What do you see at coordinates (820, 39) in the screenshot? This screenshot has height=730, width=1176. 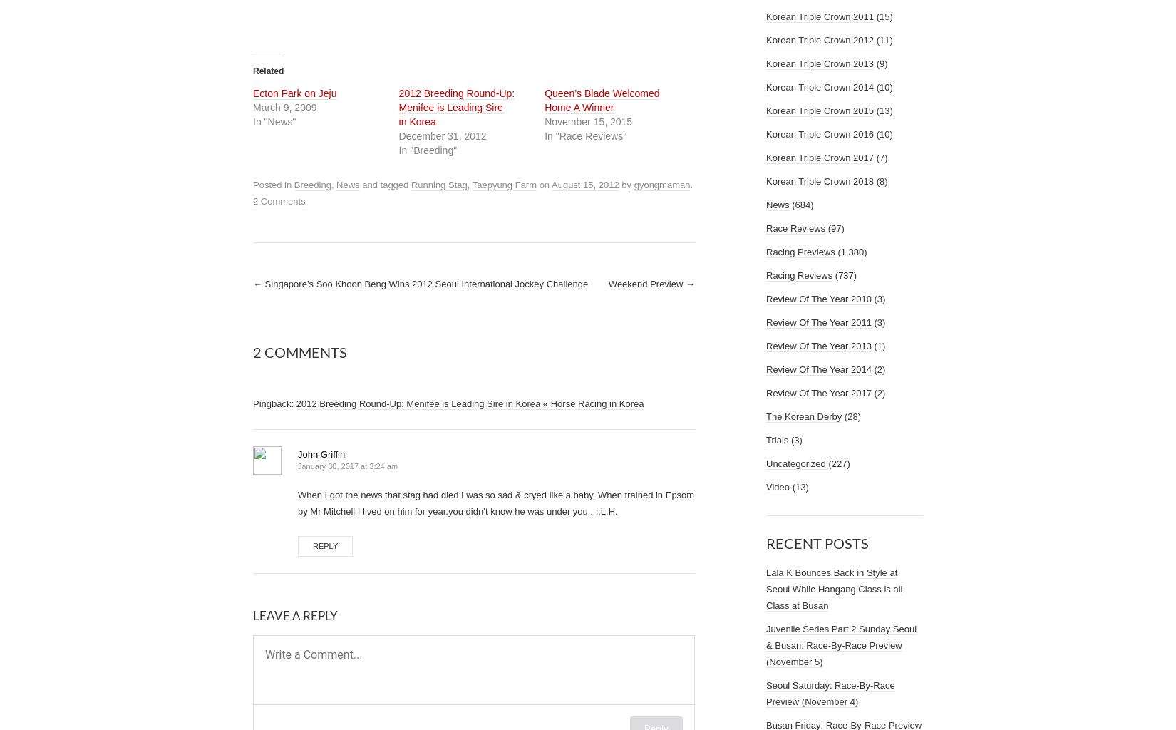 I see `'Korean Triple Crown 2012'` at bounding box center [820, 39].